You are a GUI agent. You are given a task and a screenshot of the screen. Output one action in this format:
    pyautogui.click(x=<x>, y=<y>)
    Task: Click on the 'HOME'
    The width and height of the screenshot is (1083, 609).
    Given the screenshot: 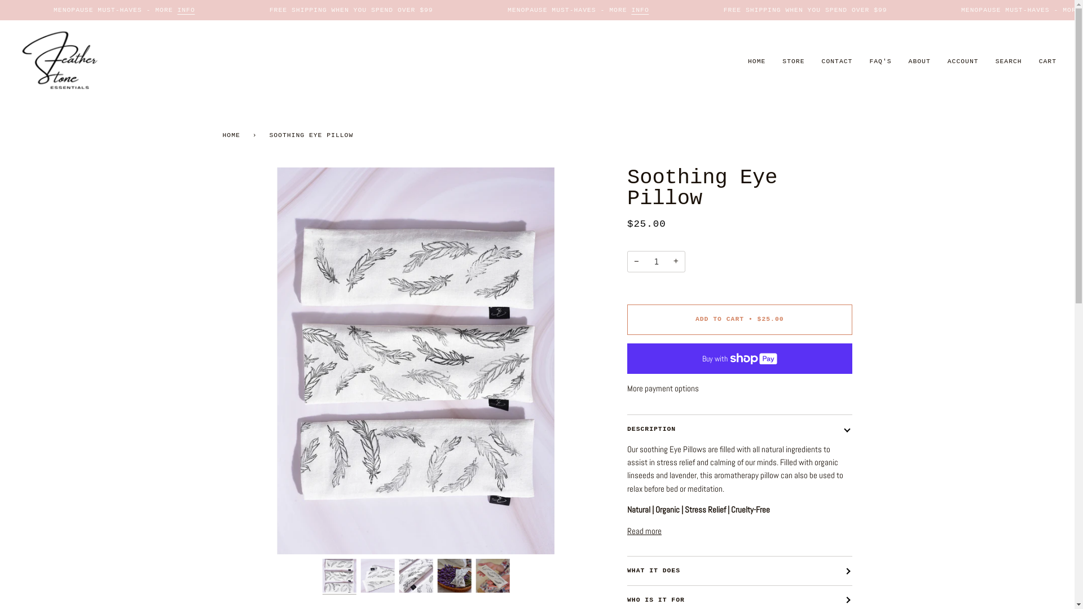 What is the action you would take?
    pyautogui.click(x=756, y=61)
    